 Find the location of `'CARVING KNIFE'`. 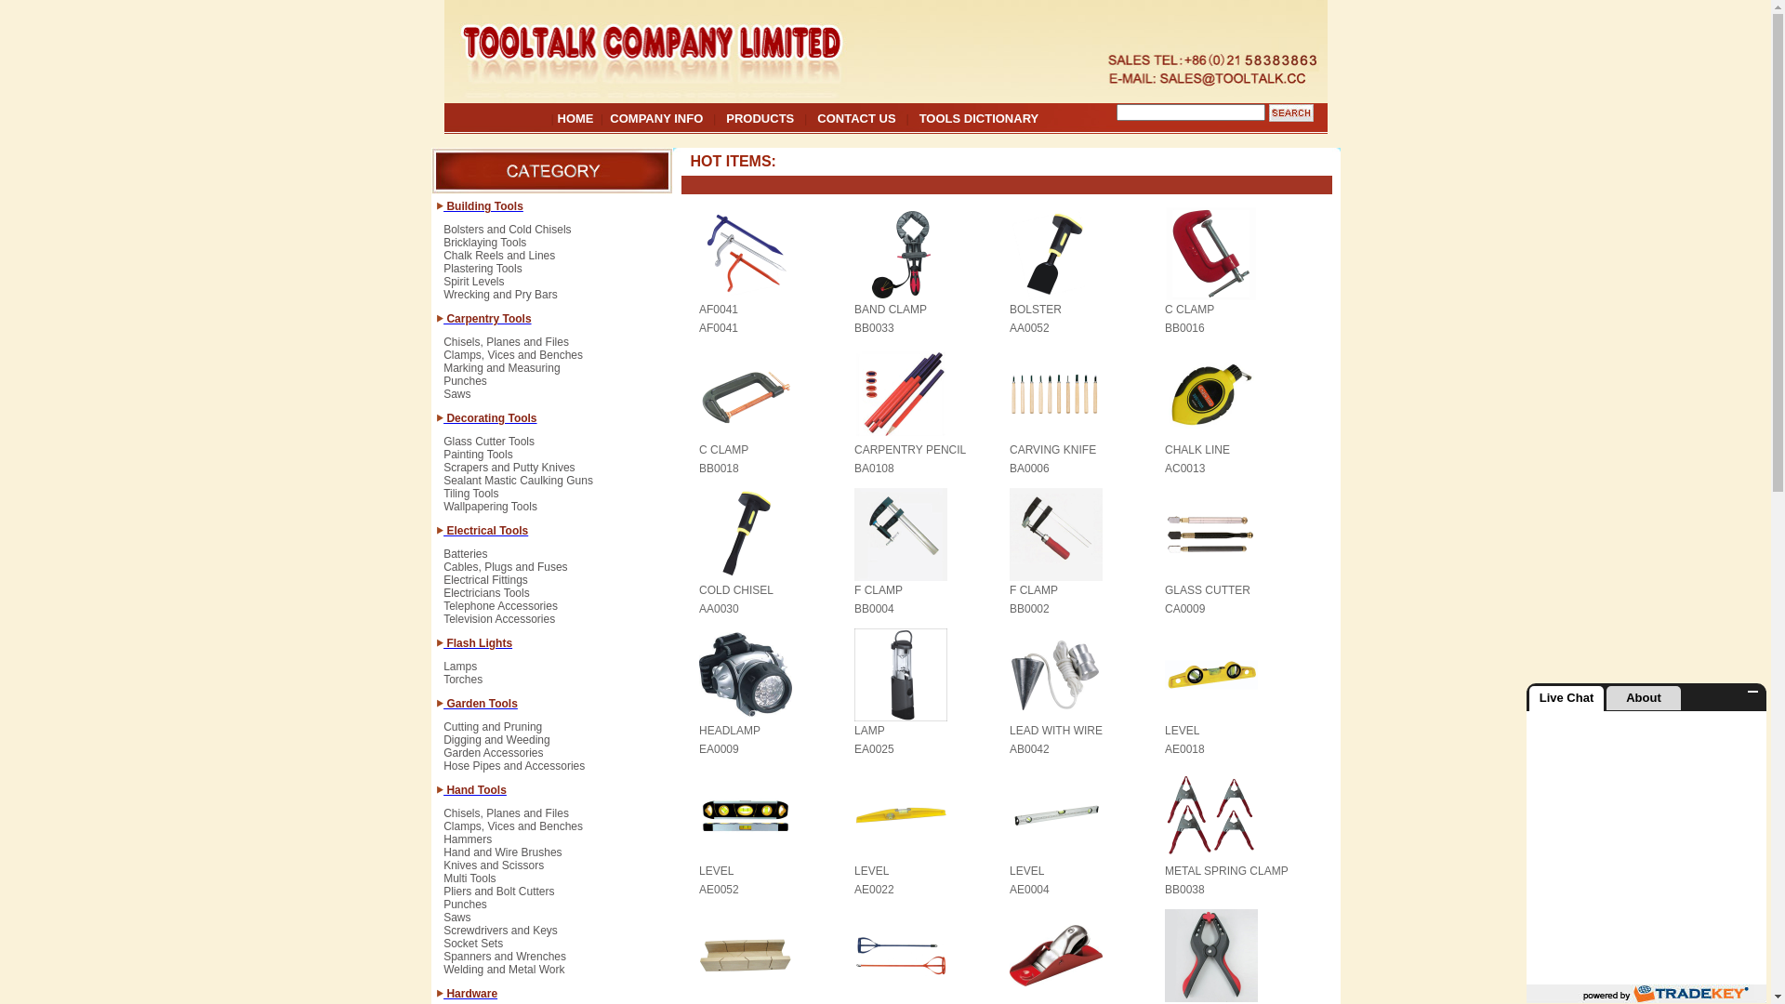

'CARVING KNIFE' is located at coordinates (1052, 449).